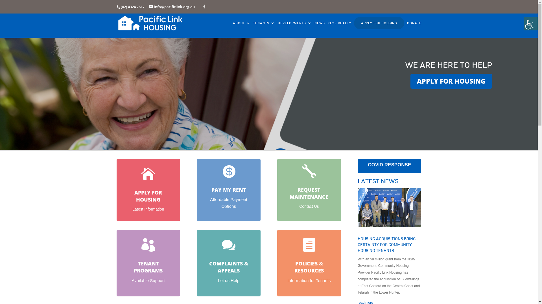 The image size is (542, 304). I want to click on 'DONATE', so click(414, 29).